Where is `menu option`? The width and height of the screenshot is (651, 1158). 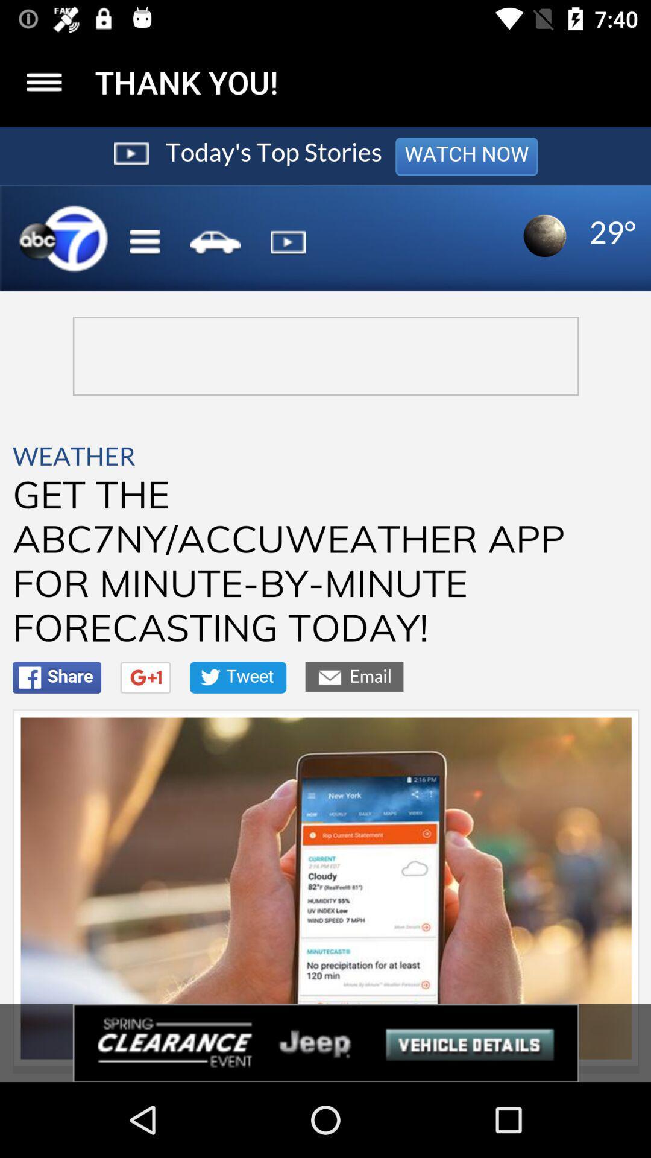
menu option is located at coordinates (43, 81).